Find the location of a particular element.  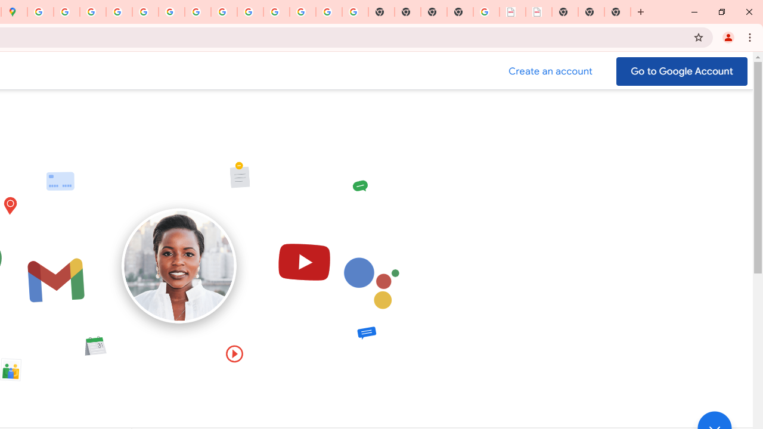

'Privacy Help Center - Policies Help' is located at coordinates (92, 12).